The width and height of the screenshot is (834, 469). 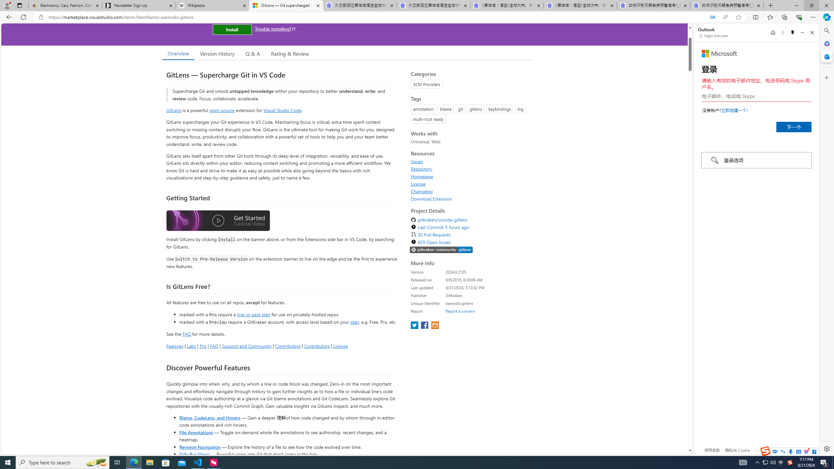 I want to click on 'Changelog', so click(x=422, y=191).